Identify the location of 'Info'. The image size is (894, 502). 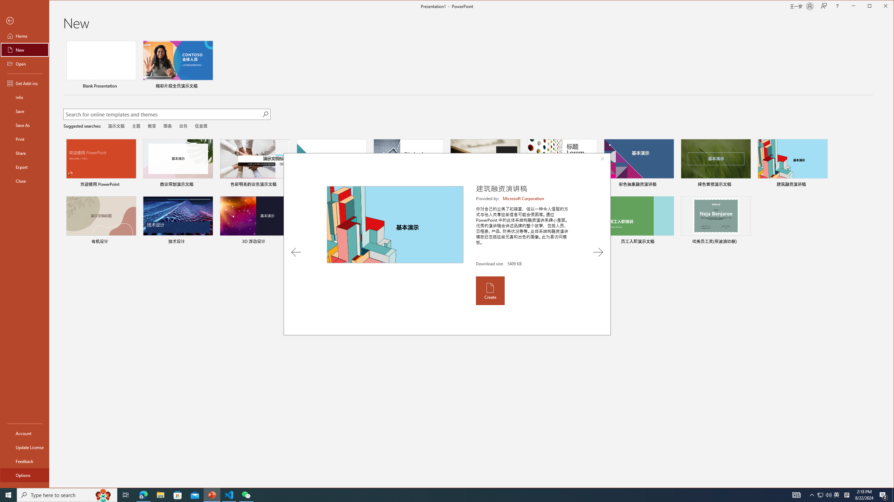
(24, 97).